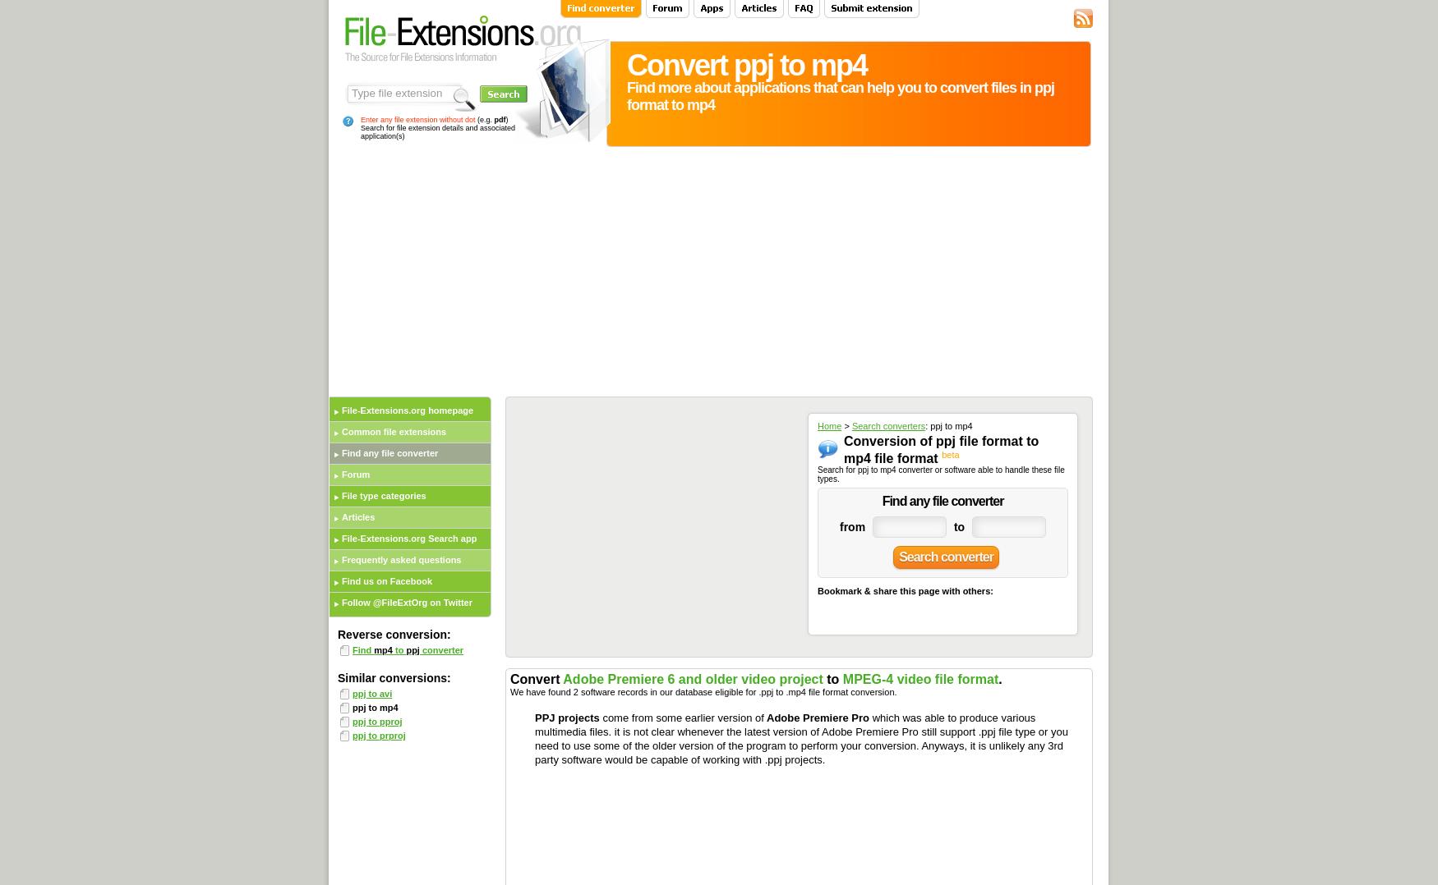  Describe the element at coordinates (394, 677) in the screenshot. I see `'Similar conversions:'` at that location.